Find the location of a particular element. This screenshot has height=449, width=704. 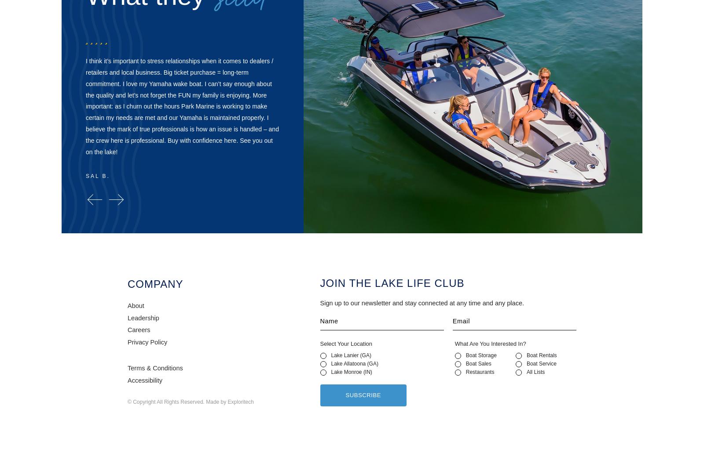

'Select Your Location' is located at coordinates (320, 344).